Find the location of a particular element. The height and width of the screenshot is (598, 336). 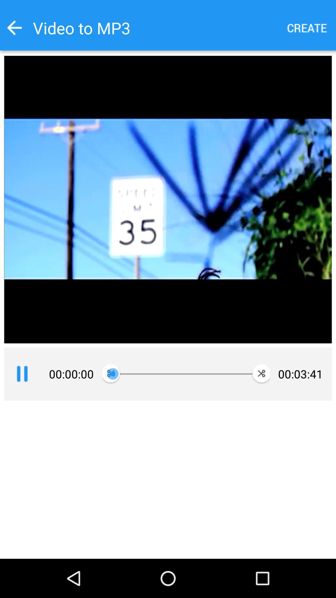

pause video is located at coordinates (22, 374).